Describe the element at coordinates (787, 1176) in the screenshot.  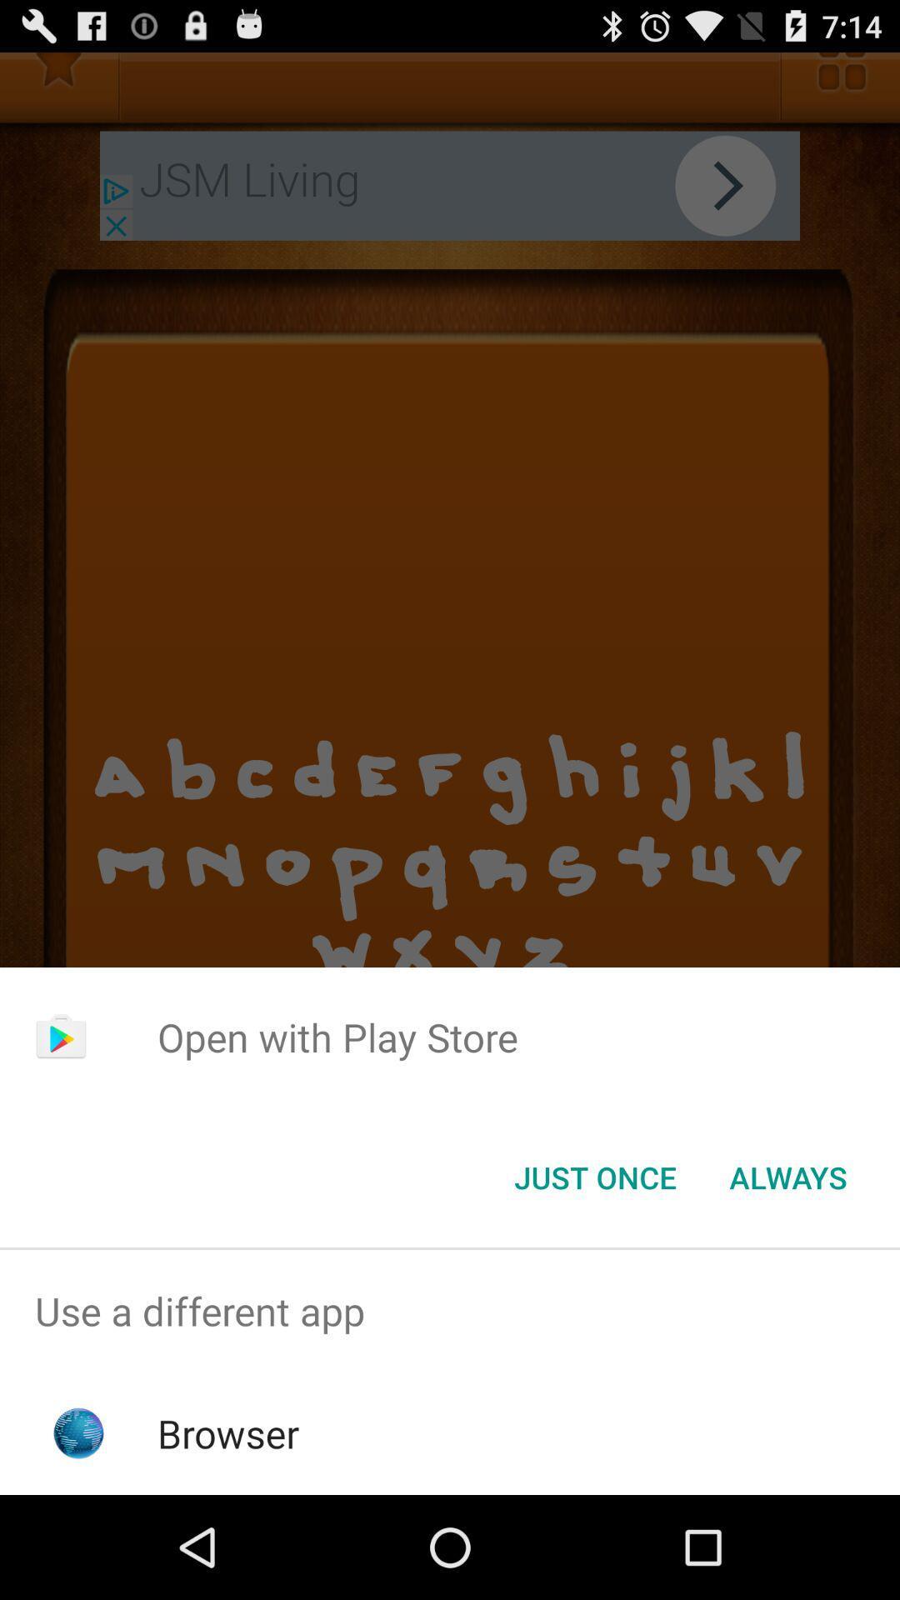
I see `item next to just once icon` at that location.